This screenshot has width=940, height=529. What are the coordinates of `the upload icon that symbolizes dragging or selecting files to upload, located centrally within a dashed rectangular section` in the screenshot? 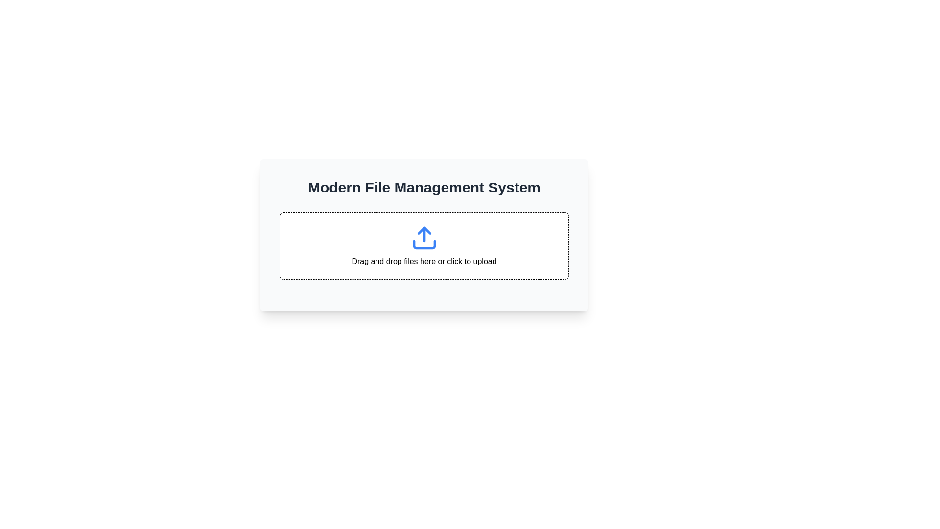 It's located at (424, 238).